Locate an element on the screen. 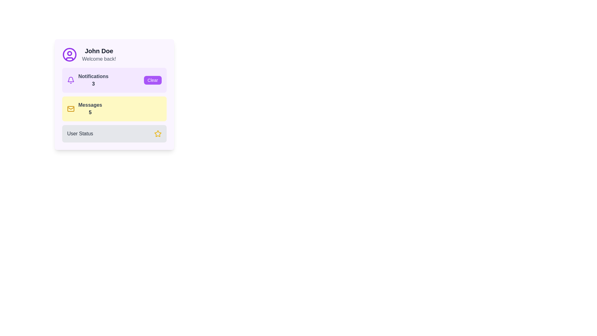 The height and width of the screenshot is (336, 597). the SVG circle component with a purple outline that is part of the user profile icon, located in the upper-left corner of the widget near the greeting text 'John Doe' is located at coordinates (70, 54).